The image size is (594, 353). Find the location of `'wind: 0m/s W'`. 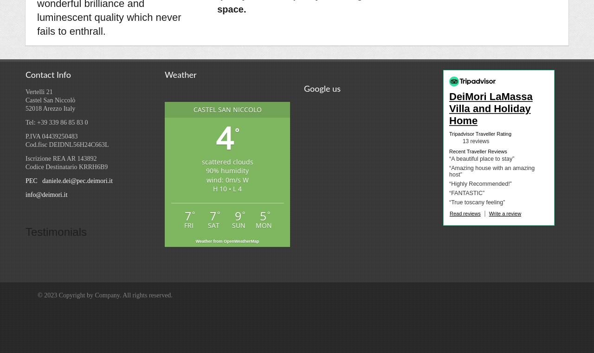

'wind: 0m/s W' is located at coordinates (206, 179).